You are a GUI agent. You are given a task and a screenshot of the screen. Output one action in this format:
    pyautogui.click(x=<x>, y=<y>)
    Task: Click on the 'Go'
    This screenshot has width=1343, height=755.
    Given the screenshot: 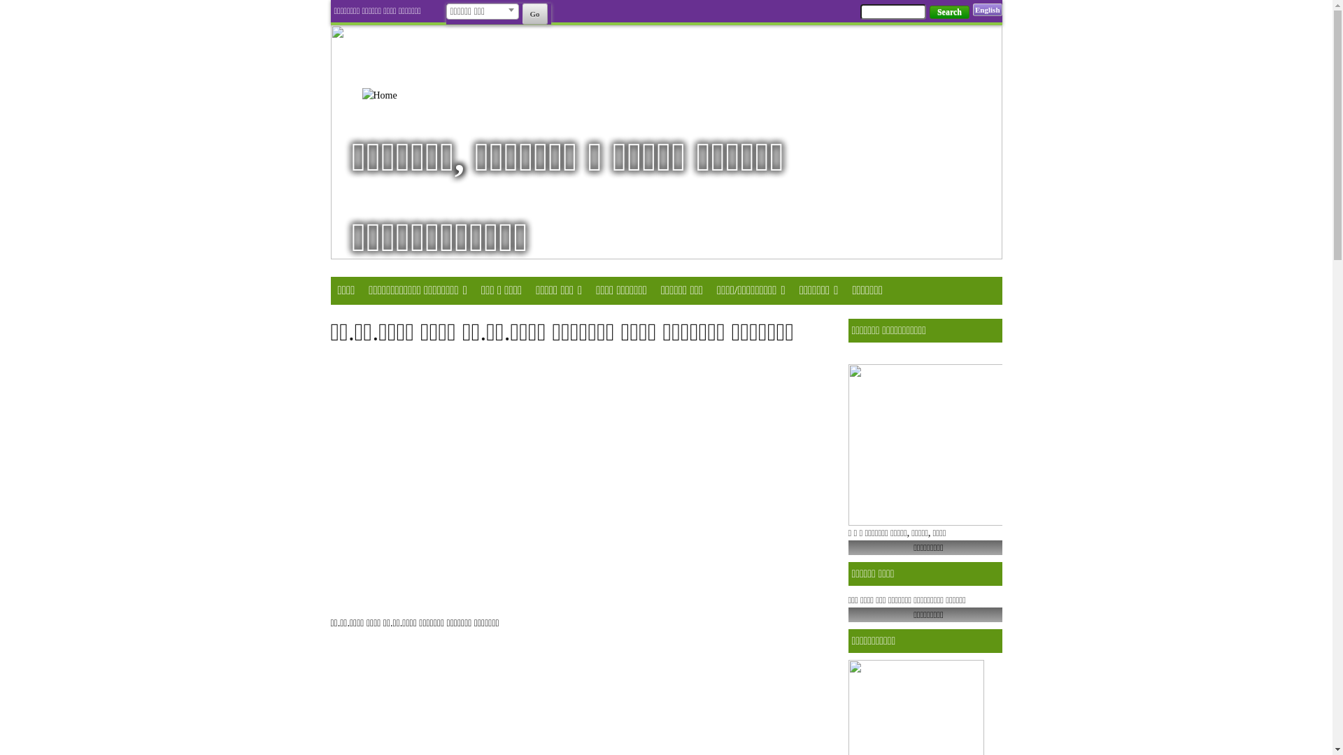 What is the action you would take?
    pyautogui.click(x=533, y=13)
    